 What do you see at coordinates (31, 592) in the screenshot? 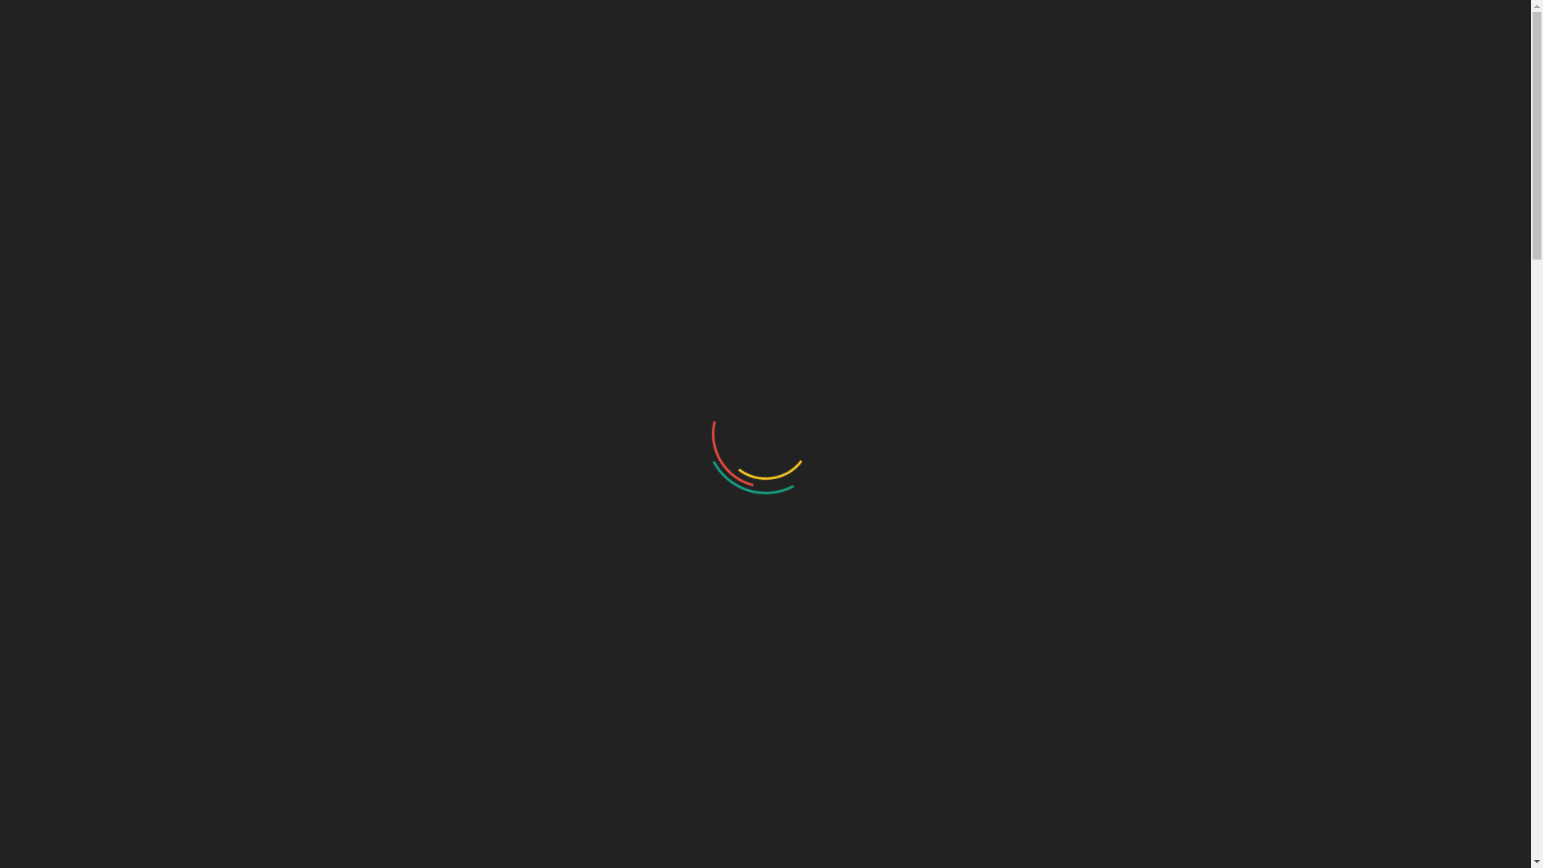
I see `'Ensino'` at bounding box center [31, 592].